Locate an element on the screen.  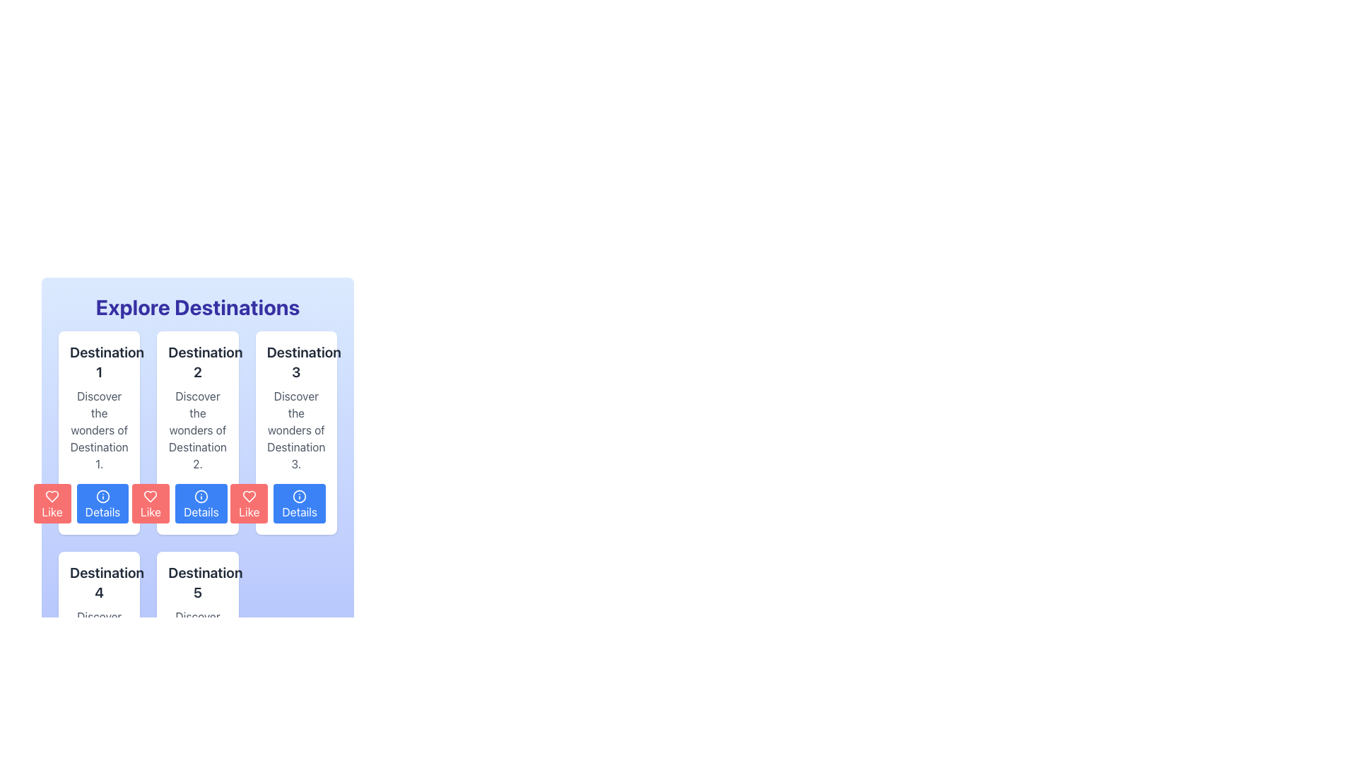
the 'Details' button located beneath the 'Destination 2' card, which is the middle card in the top row is located at coordinates (102, 495).